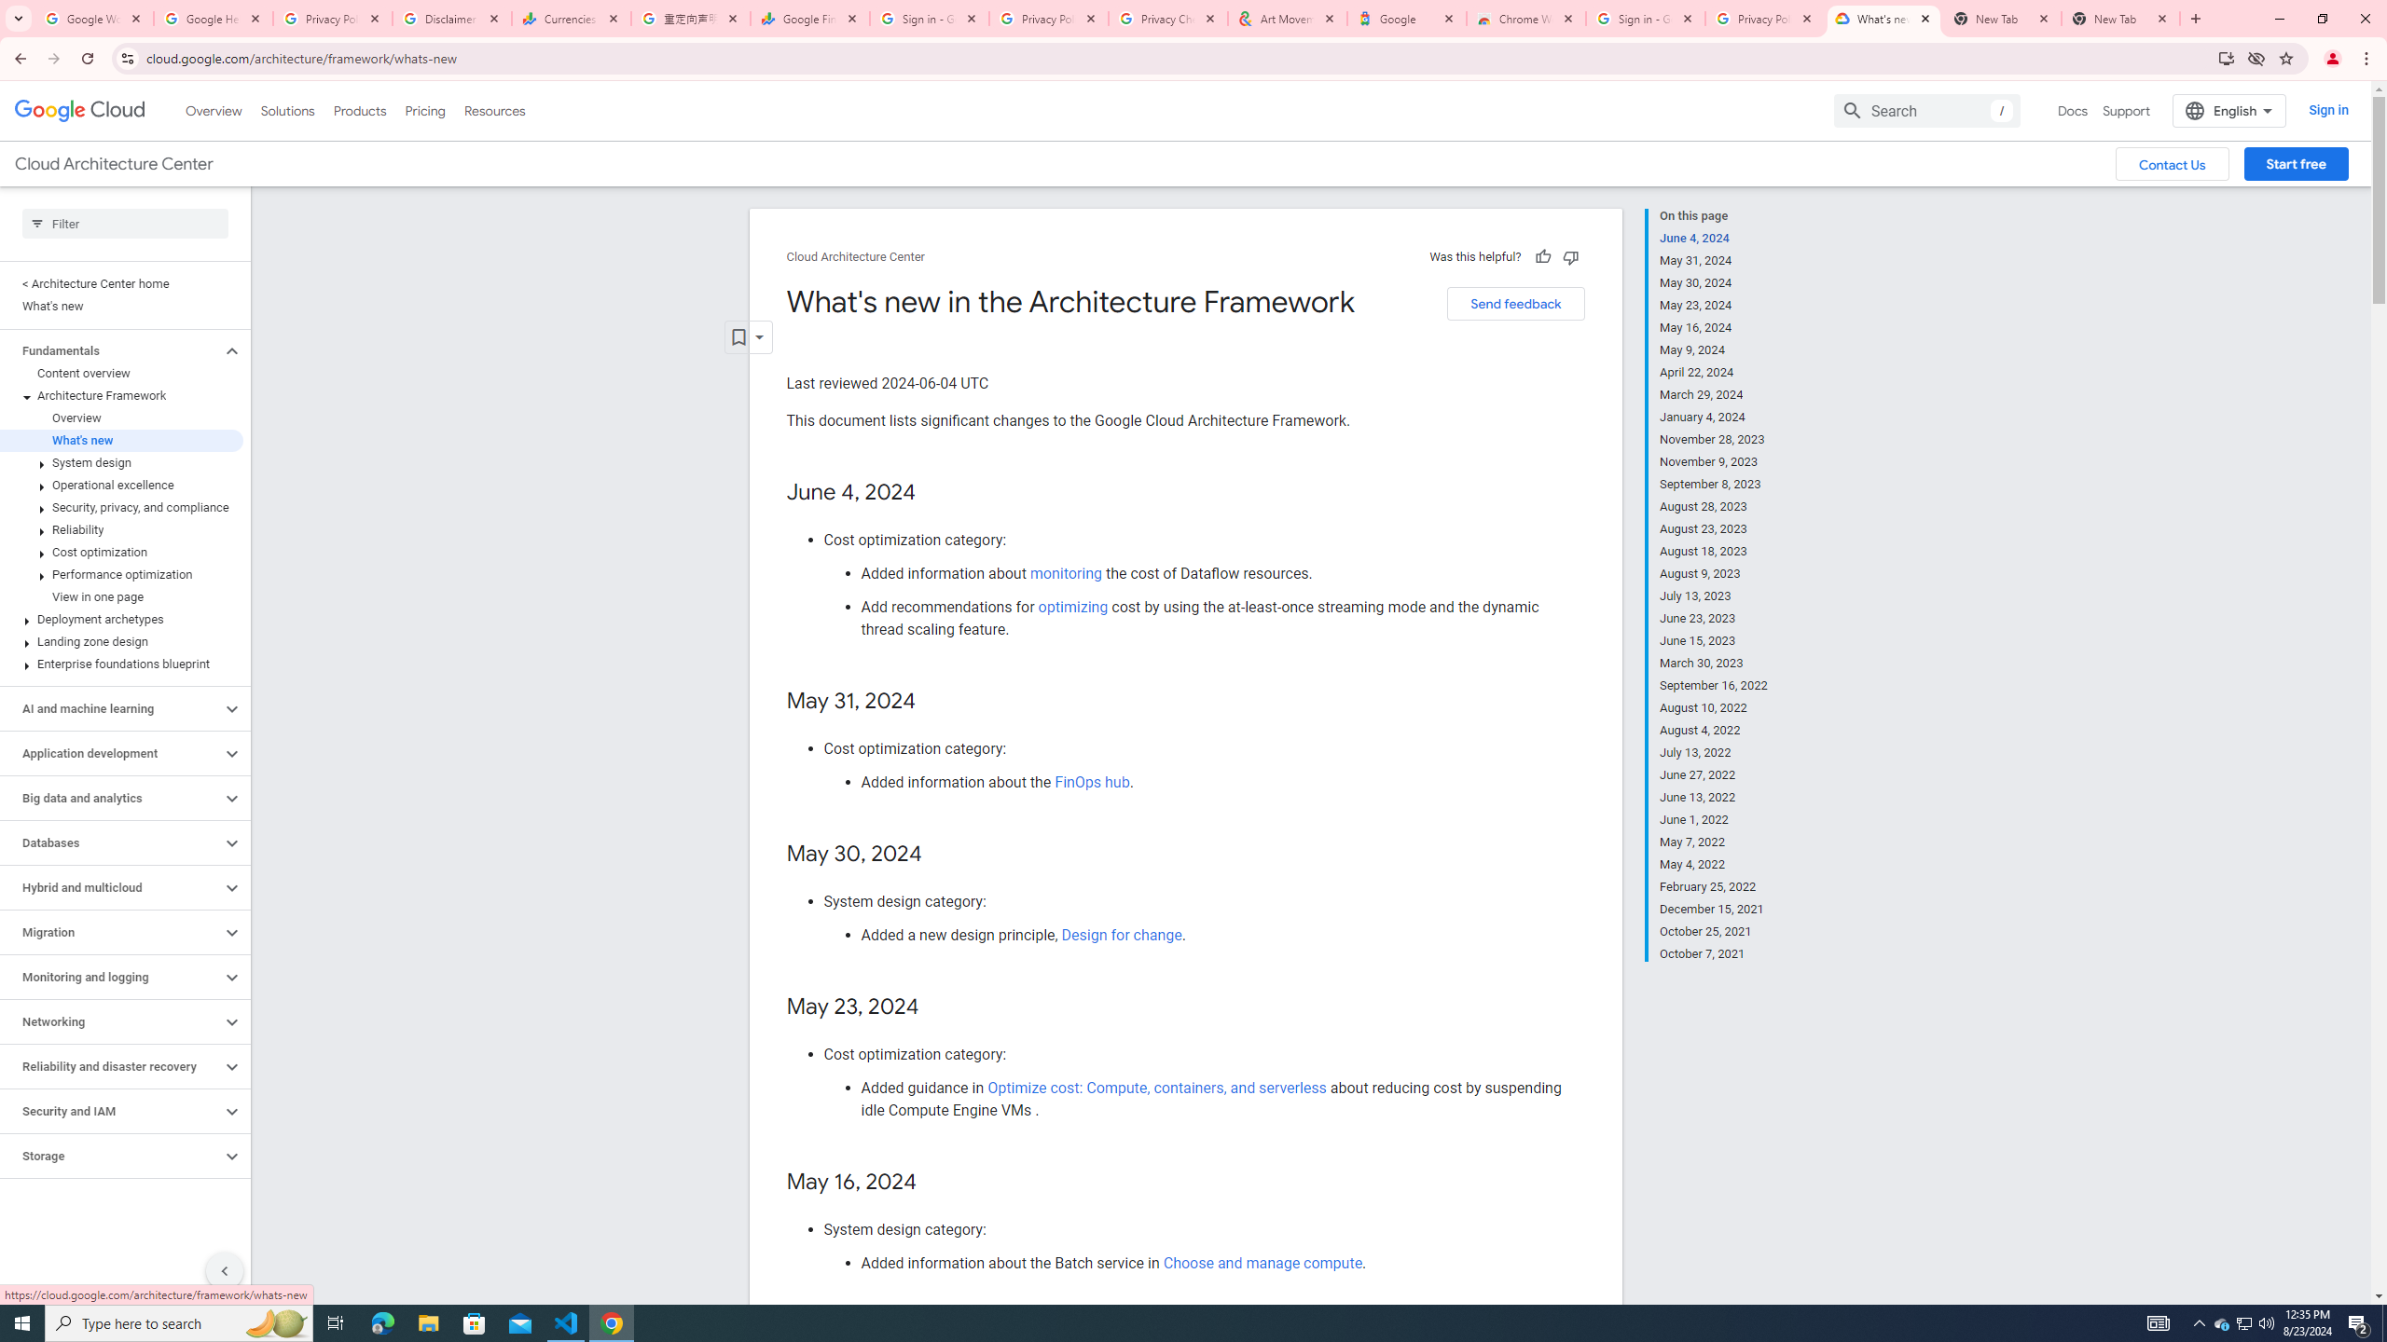 This screenshot has height=1342, width=2387. Describe the element at coordinates (855, 256) in the screenshot. I see `'Cloud Architecture Center'` at that location.